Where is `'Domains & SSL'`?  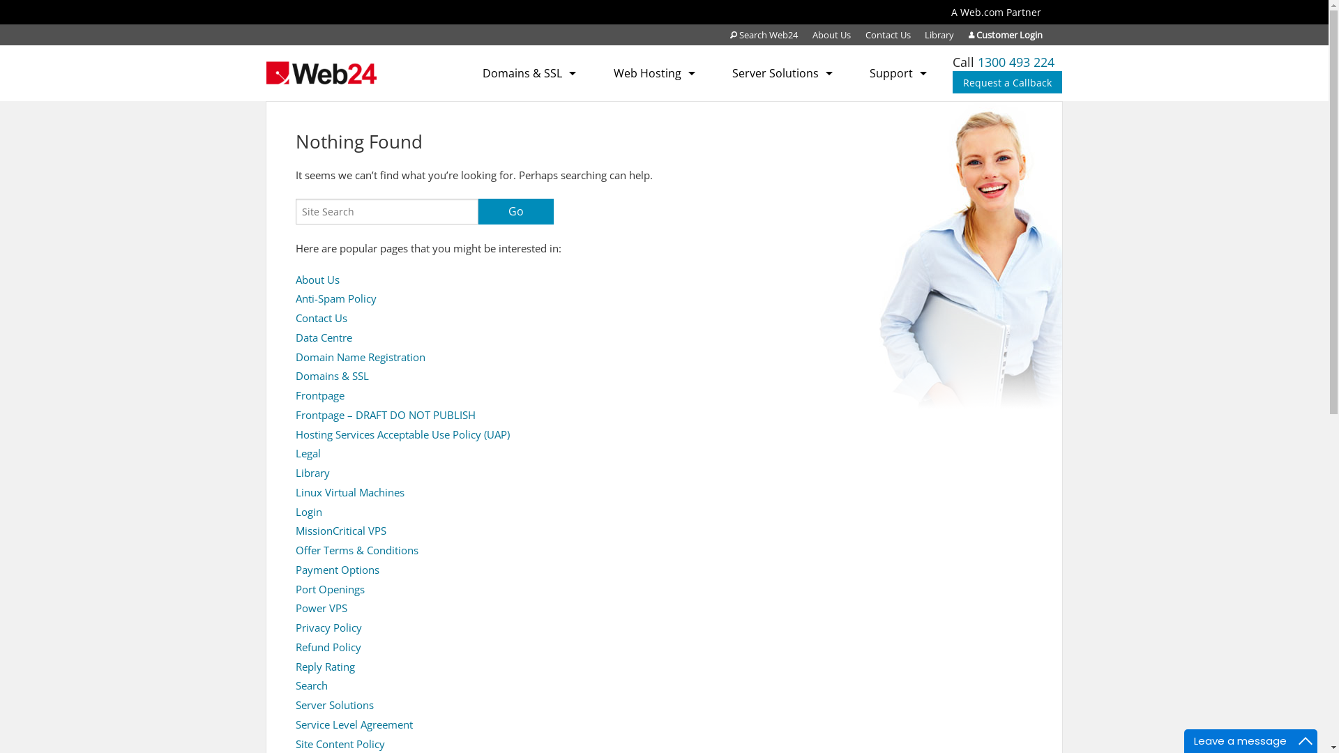
'Domains & SSL' is located at coordinates (331, 375).